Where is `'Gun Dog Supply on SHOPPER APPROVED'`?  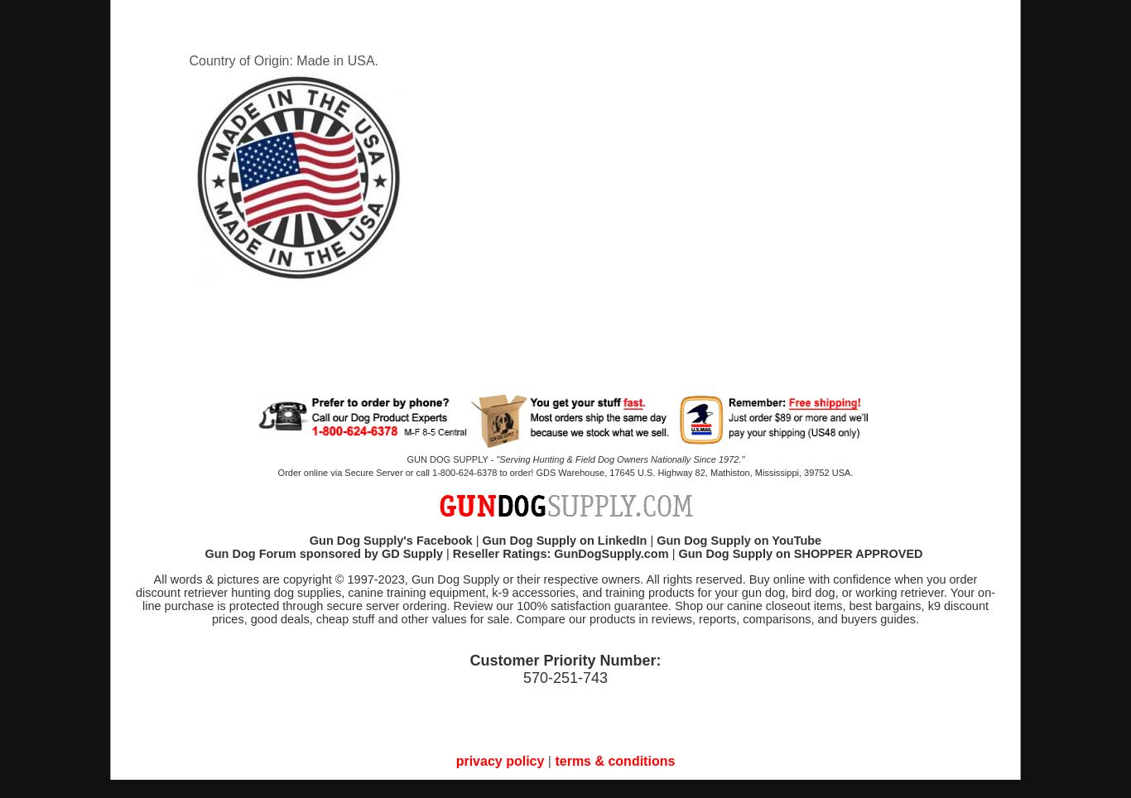 'Gun Dog Supply on SHOPPER APPROVED' is located at coordinates (800, 553).